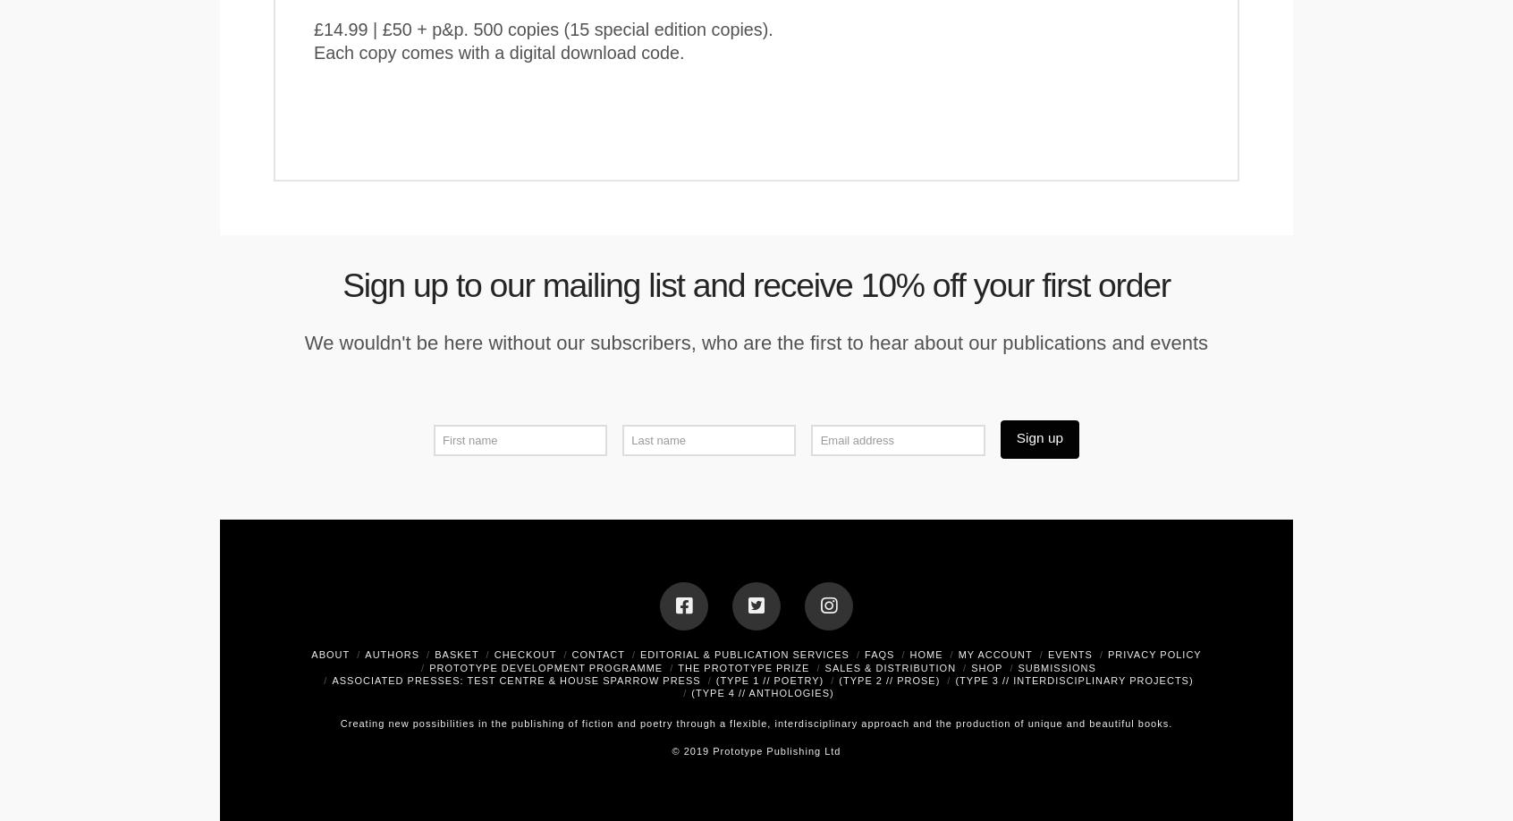 The width and height of the screenshot is (1513, 821). I want to click on 'Home', so click(925, 654).